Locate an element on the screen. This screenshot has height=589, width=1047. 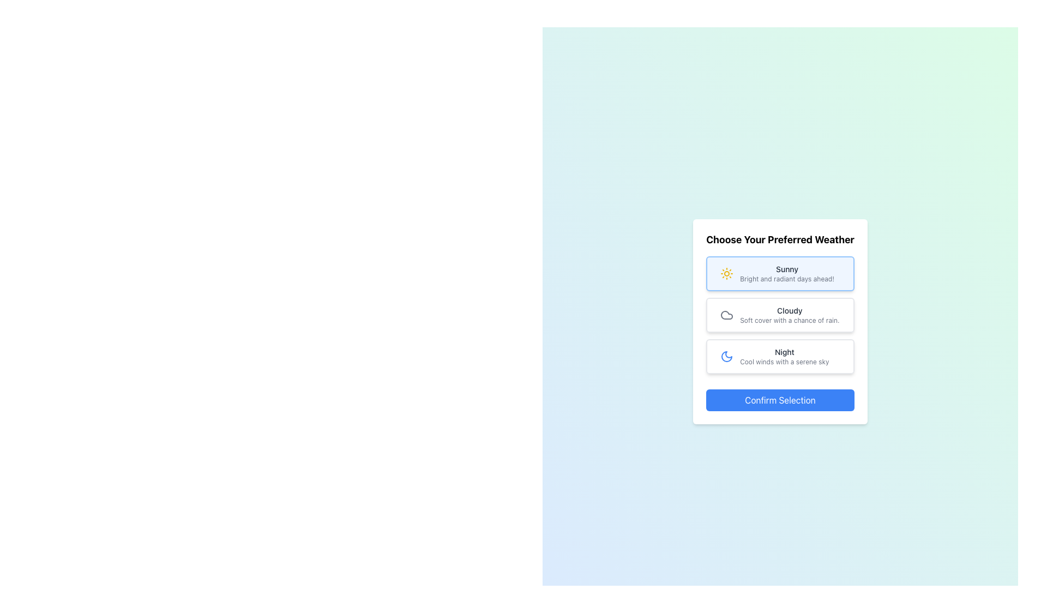
text from the 'Sunny' text label, which is displayed in a medium font weight and dark gray color on a light background, located within the first weather selection card is located at coordinates (787, 269).